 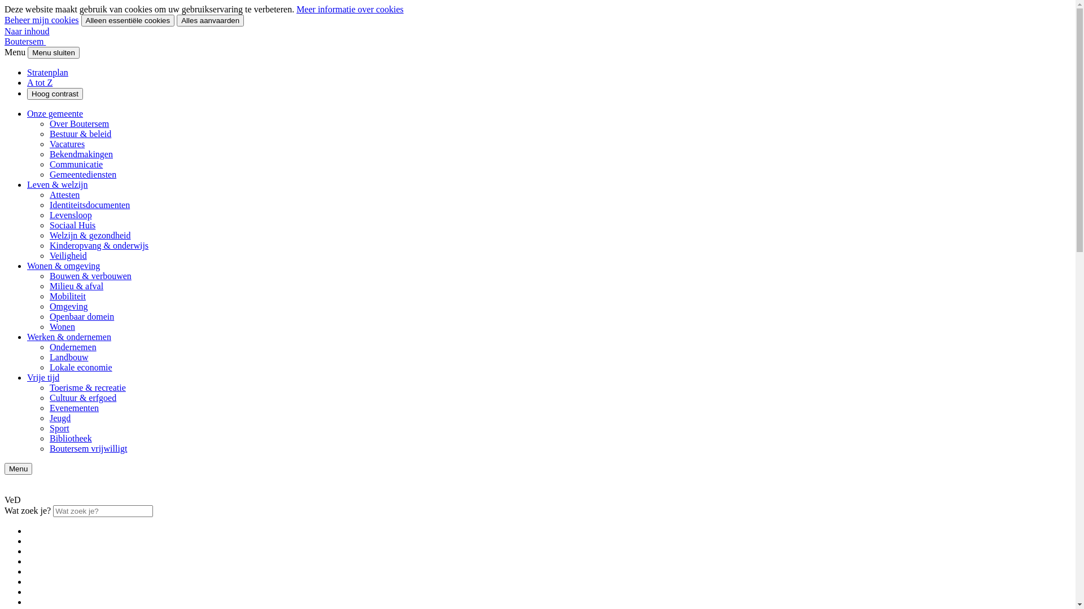 What do you see at coordinates (49, 448) in the screenshot?
I see `'Boutersem vrijwilligt'` at bounding box center [49, 448].